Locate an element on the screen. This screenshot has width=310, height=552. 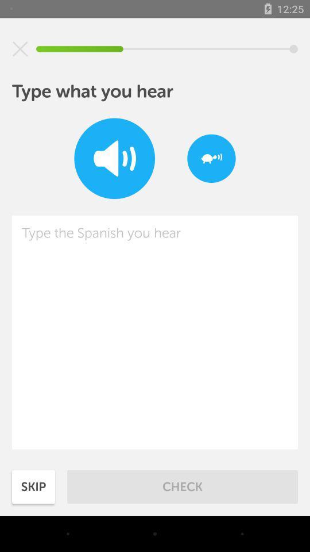
check icon is located at coordinates (183, 486).